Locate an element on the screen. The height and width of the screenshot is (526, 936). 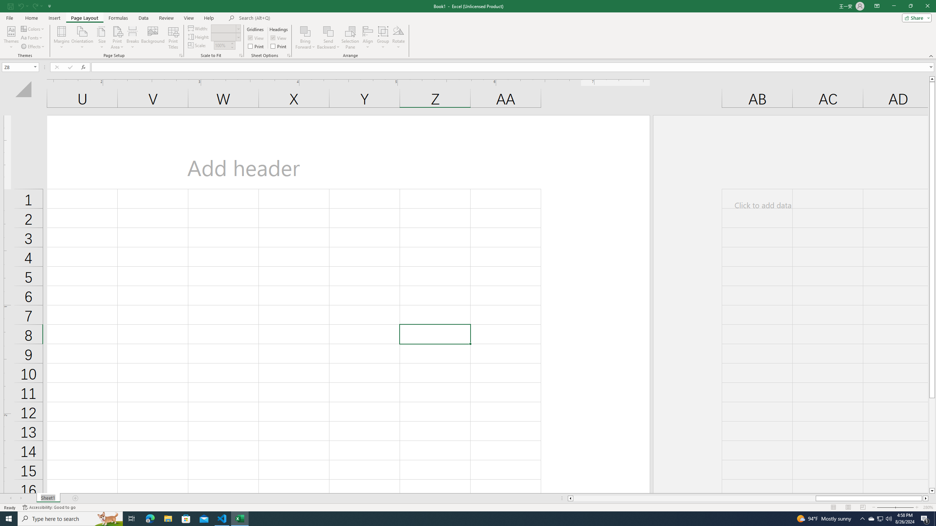
'Sheet Tab' is located at coordinates (48, 498).